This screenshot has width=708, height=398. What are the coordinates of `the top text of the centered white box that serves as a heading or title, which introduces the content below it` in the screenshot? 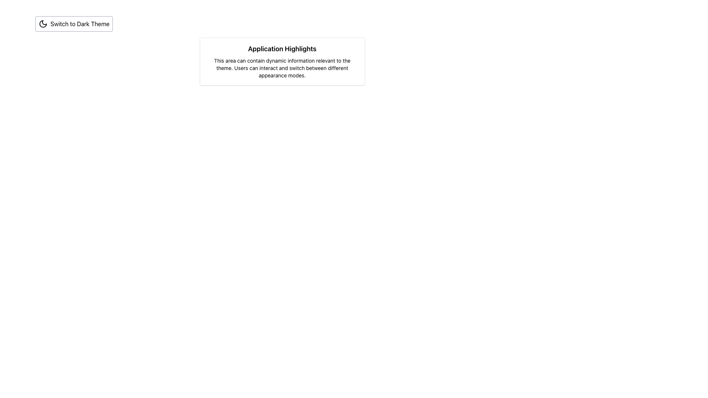 It's located at (282, 49).